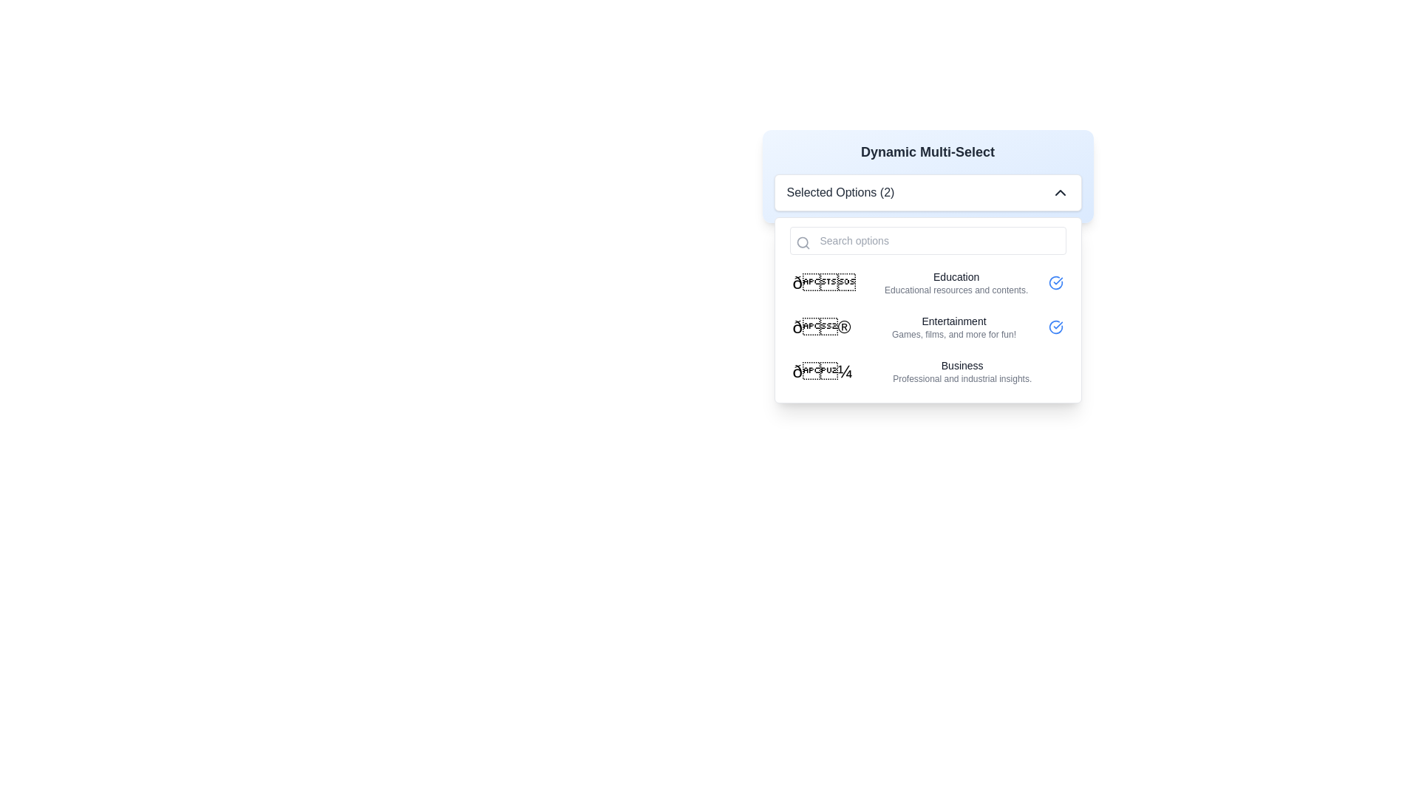  Describe the element at coordinates (954, 327) in the screenshot. I see `the 'Entertainment' selectable list item, which contains two lines of text` at that location.